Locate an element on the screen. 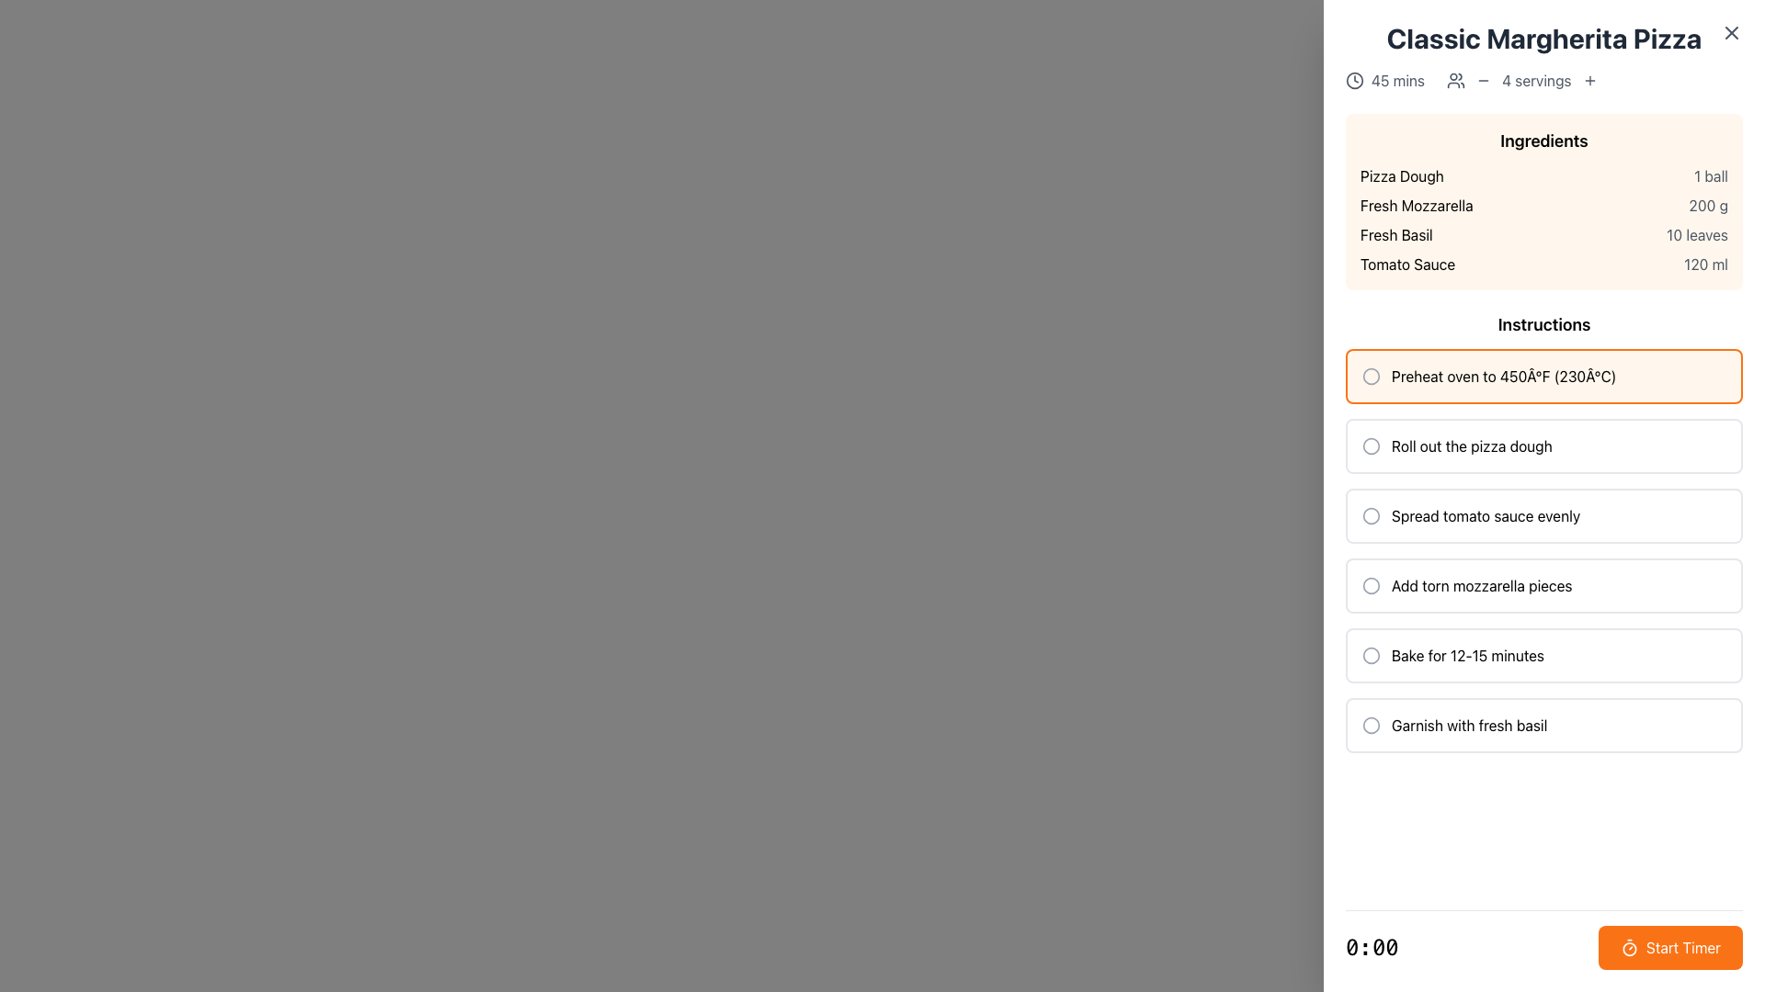 This screenshot has height=992, width=1765. to select the instruction step item located as the second item in the 'Instructions' section, providing guidance on a specific action in the recipe is located at coordinates (1544, 446).